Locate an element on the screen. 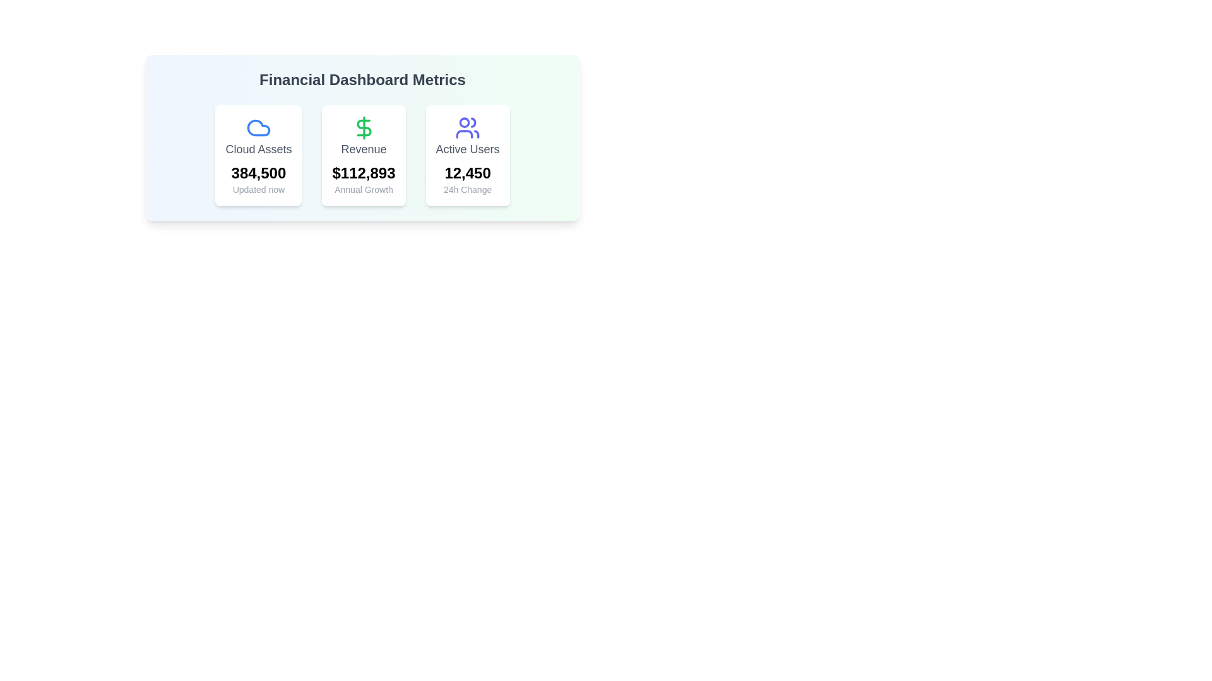 This screenshot has width=1212, height=681. the timestamp/status indicator text label located below the bold figure '384,500' in the 'Cloud Assets' card is located at coordinates (258, 189).